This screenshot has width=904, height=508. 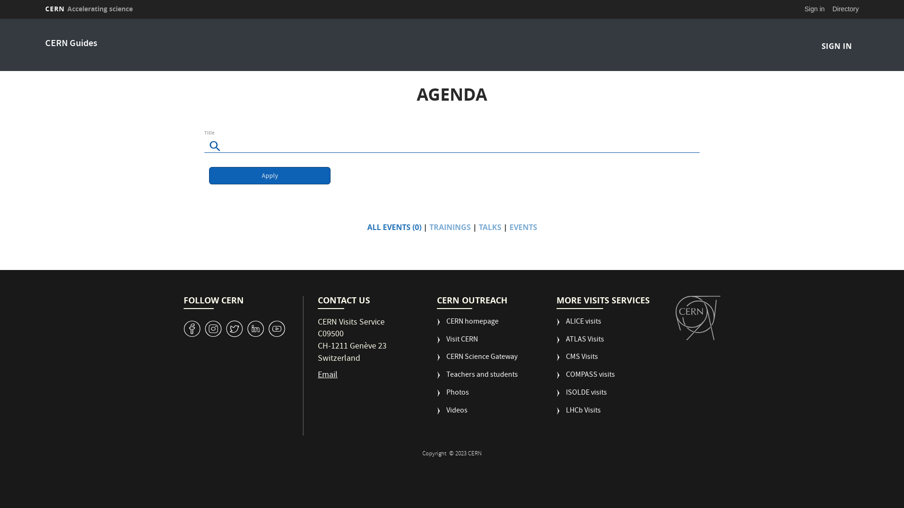 I want to click on 'M', so click(x=255, y=328).